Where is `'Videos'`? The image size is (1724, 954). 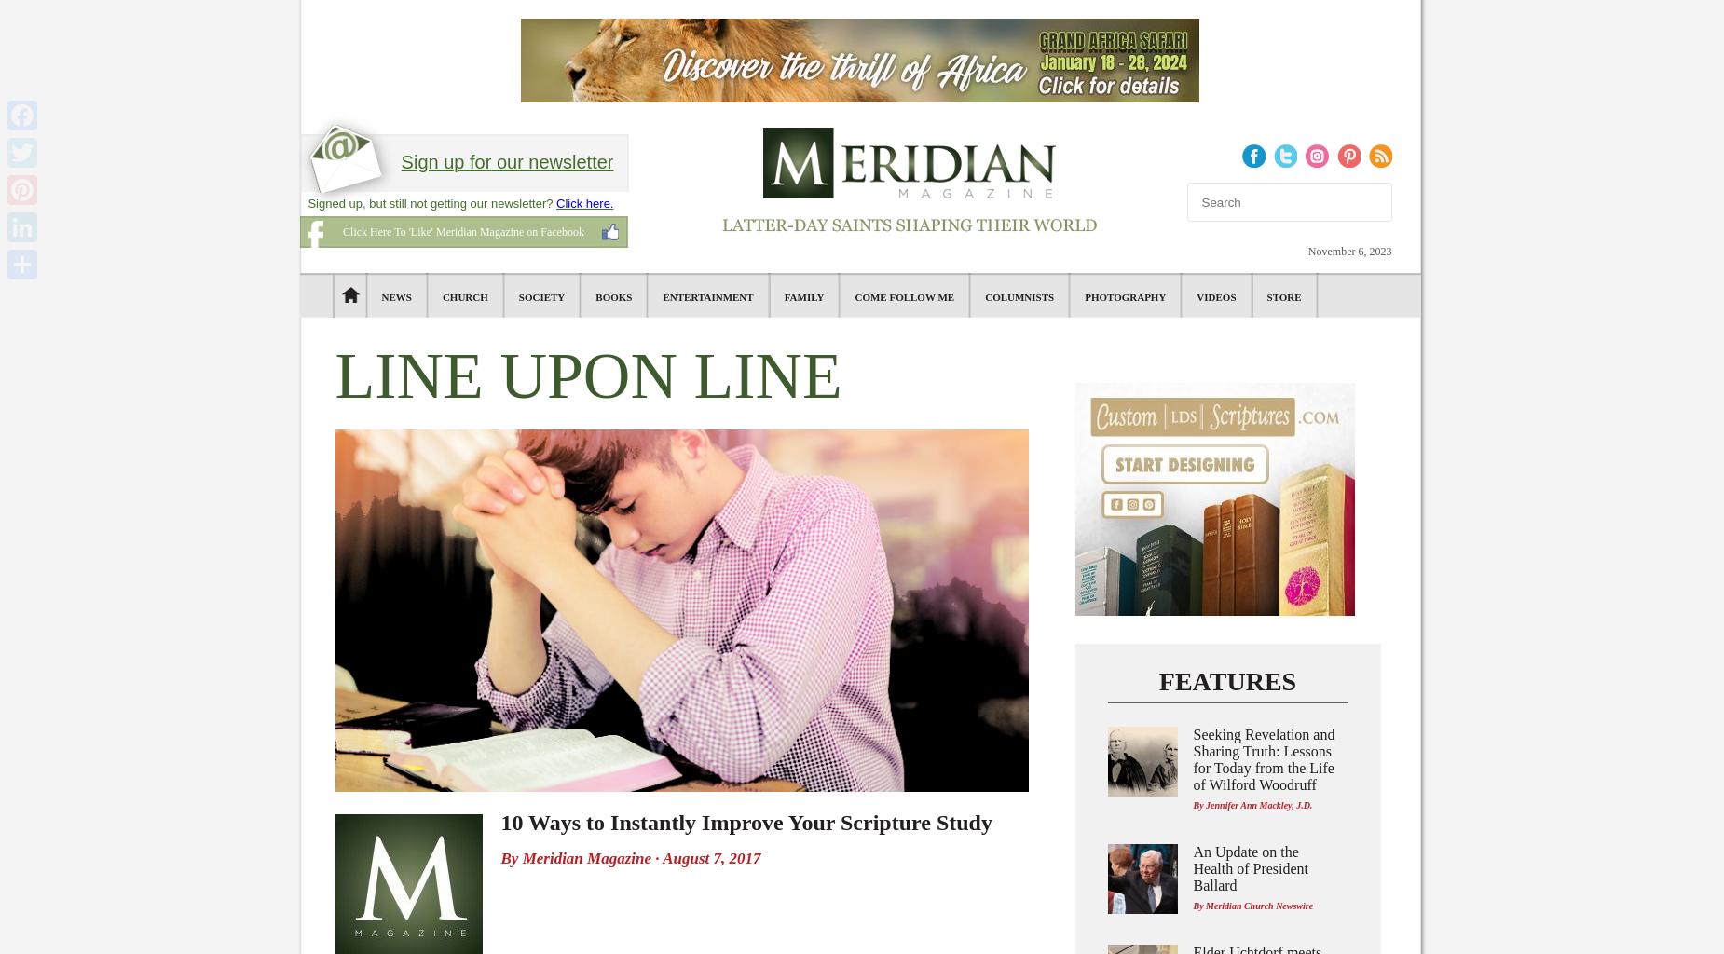 'Videos' is located at coordinates (1196, 295).